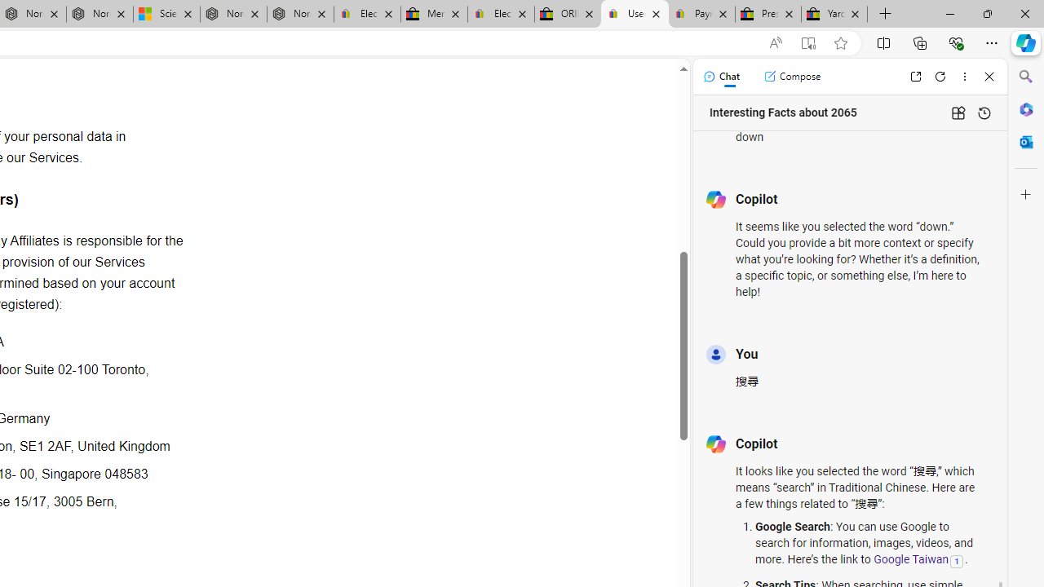  What do you see at coordinates (949, 13) in the screenshot?
I see `'Minimize'` at bounding box center [949, 13].